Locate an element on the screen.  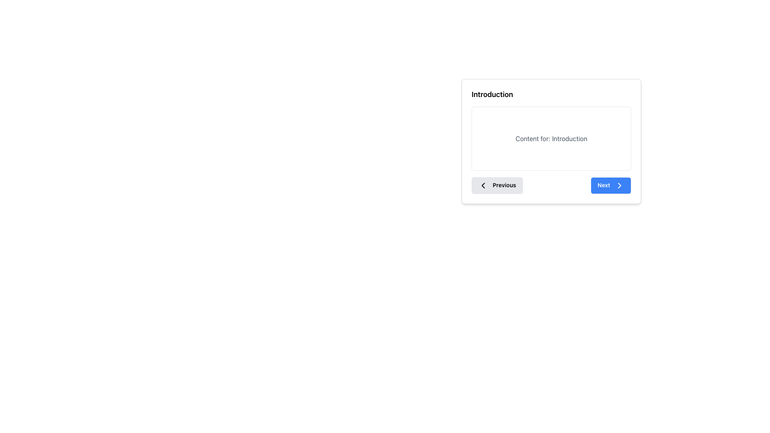
the progression navigation icon located to the right of the 'Next' button is located at coordinates (619, 185).